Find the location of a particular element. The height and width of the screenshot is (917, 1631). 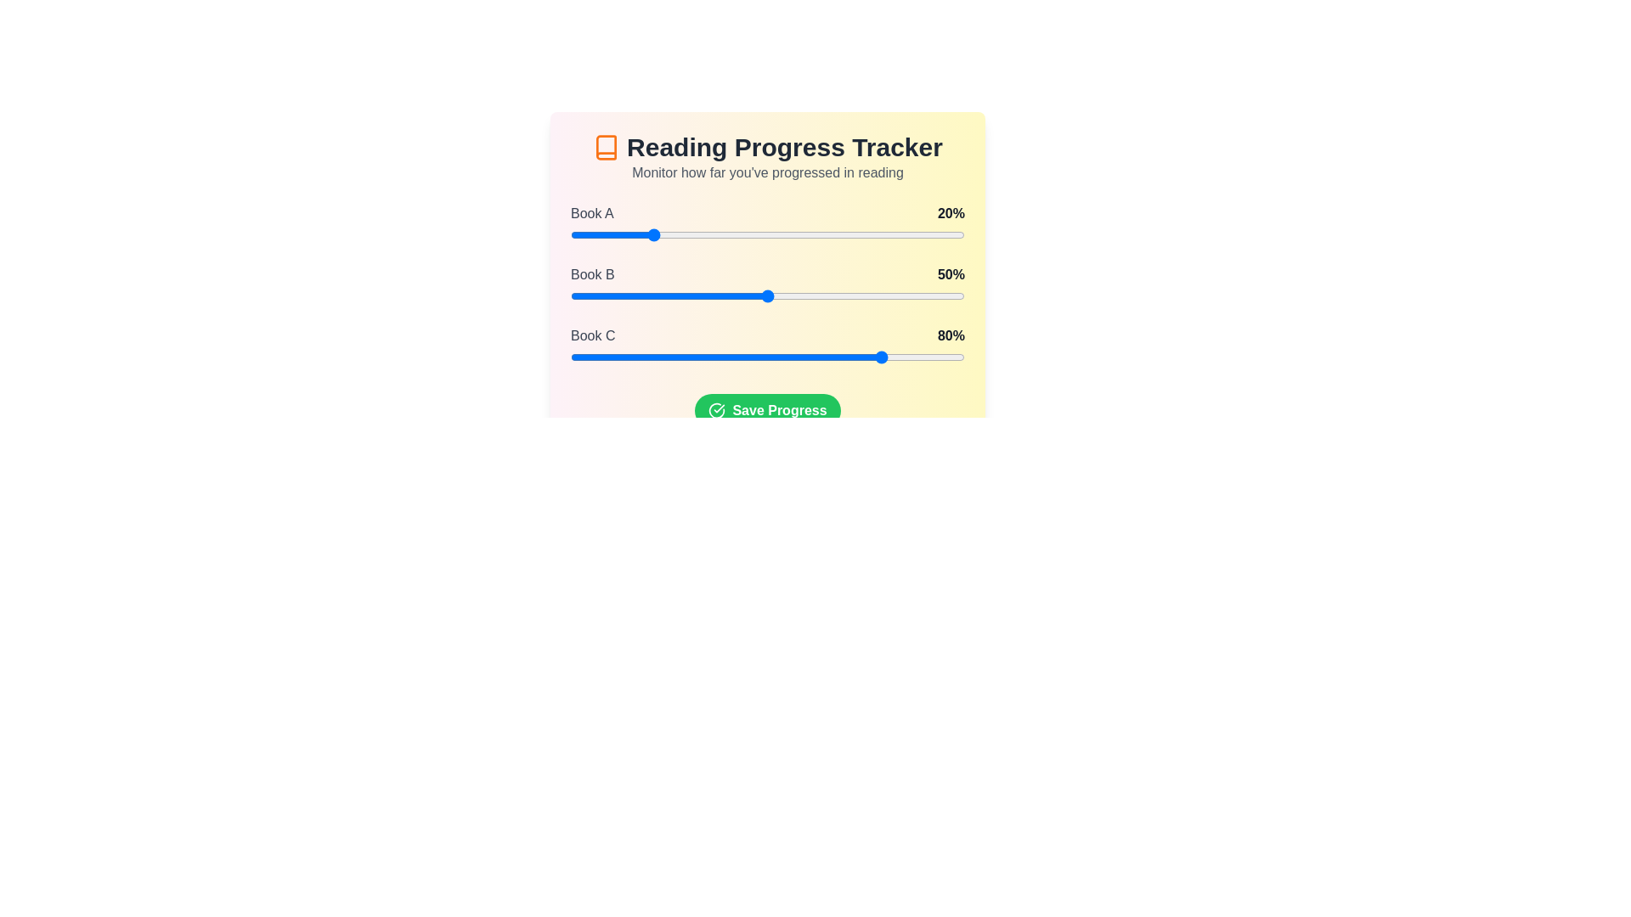

the slider for a book to set its progress to 2% is located at coordinates (578, 235).